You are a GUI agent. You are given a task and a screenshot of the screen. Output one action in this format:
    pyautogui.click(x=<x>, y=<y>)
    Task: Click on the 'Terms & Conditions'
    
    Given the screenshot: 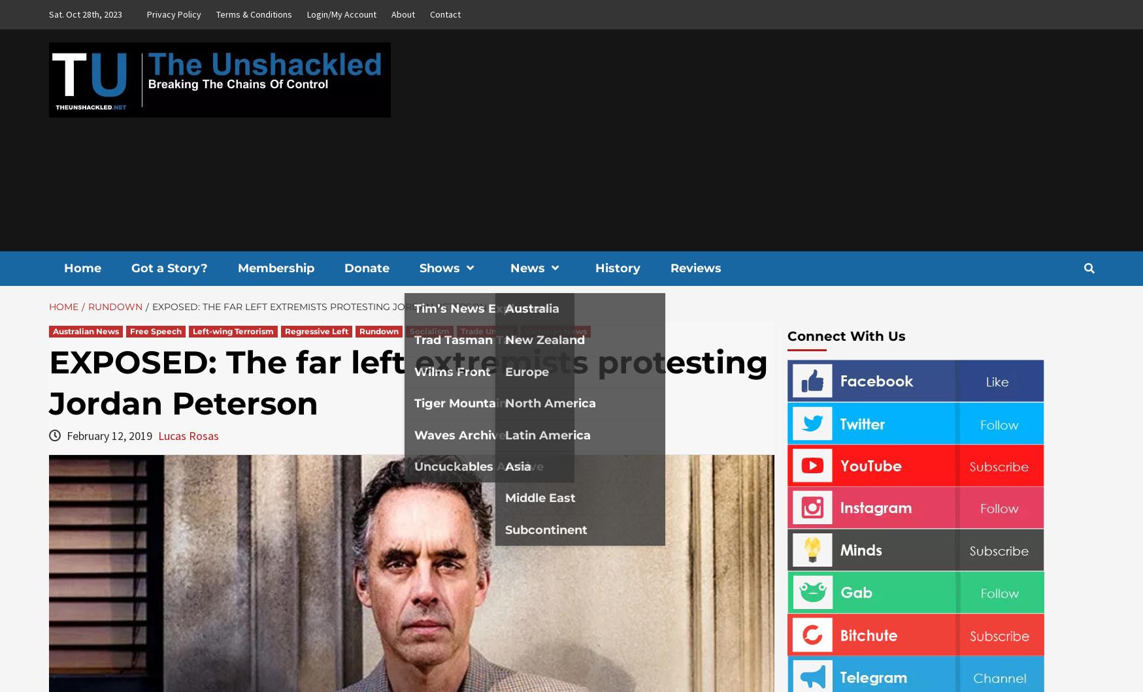 What is the action you would take?
    pyautogui.click(x=253, y=14)
    